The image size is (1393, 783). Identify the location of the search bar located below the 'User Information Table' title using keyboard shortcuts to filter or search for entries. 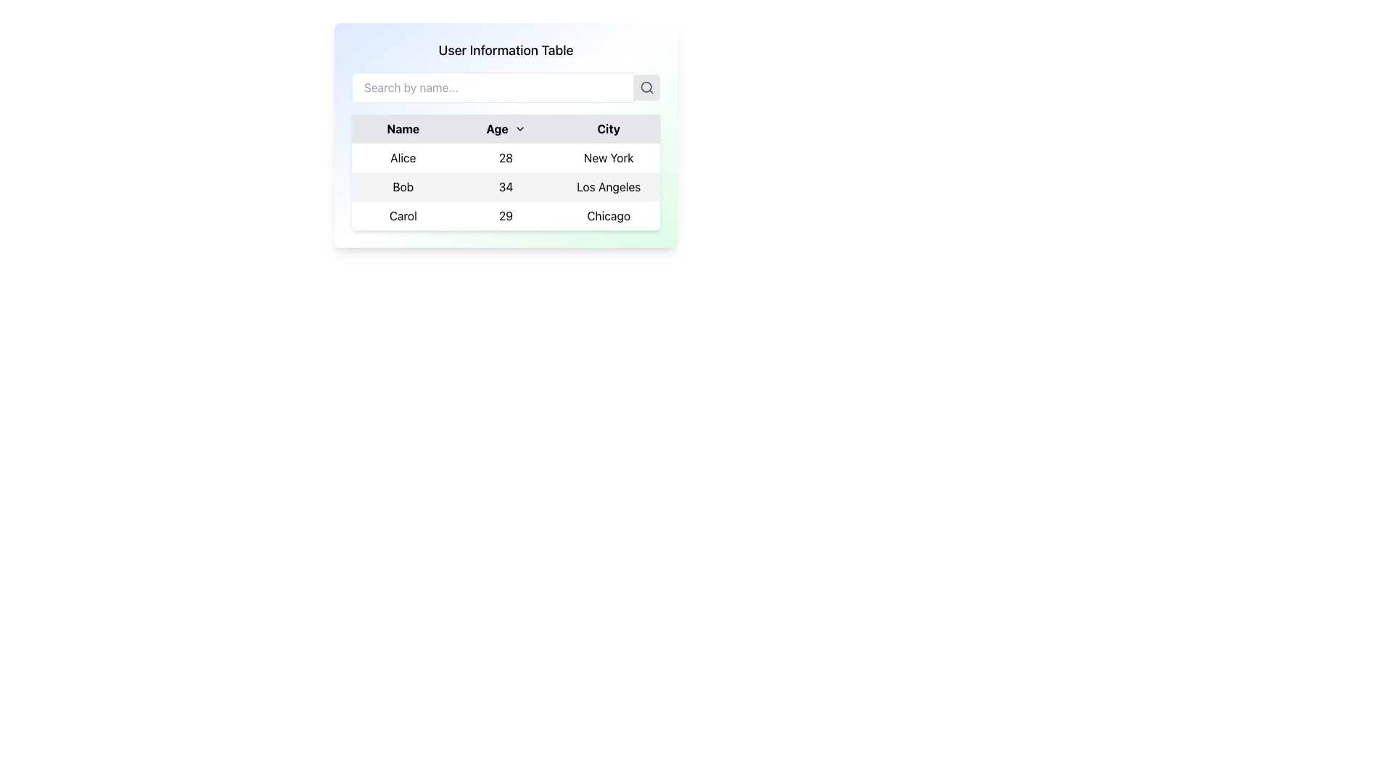
(506, 87).